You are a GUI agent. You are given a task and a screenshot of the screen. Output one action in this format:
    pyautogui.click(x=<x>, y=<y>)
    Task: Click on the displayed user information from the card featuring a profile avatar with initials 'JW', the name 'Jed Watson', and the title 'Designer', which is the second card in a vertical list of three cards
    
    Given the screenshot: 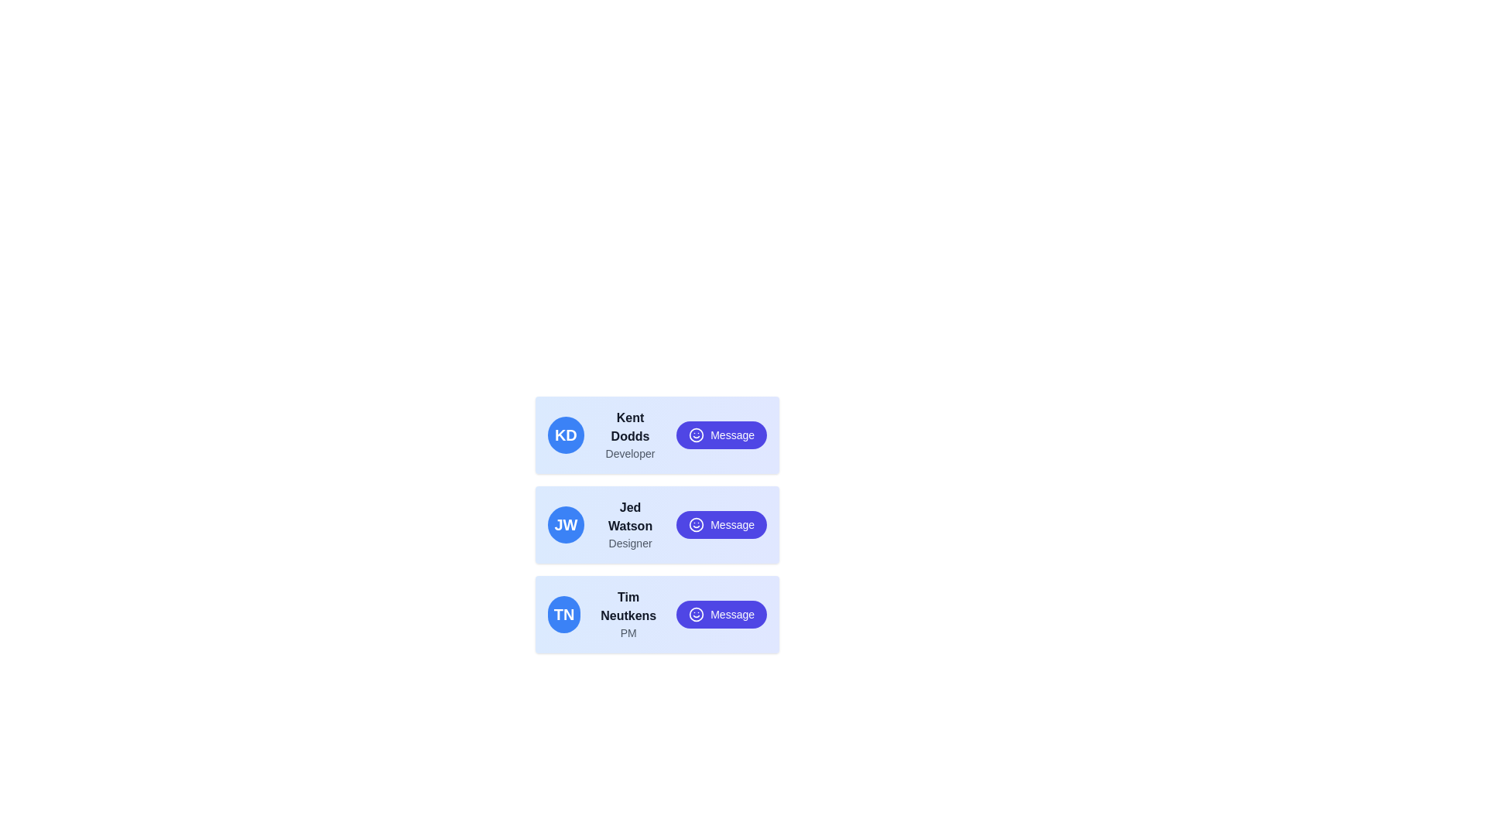 What is the action you would take?
    pyautogui.click(x=657, y=523)
    